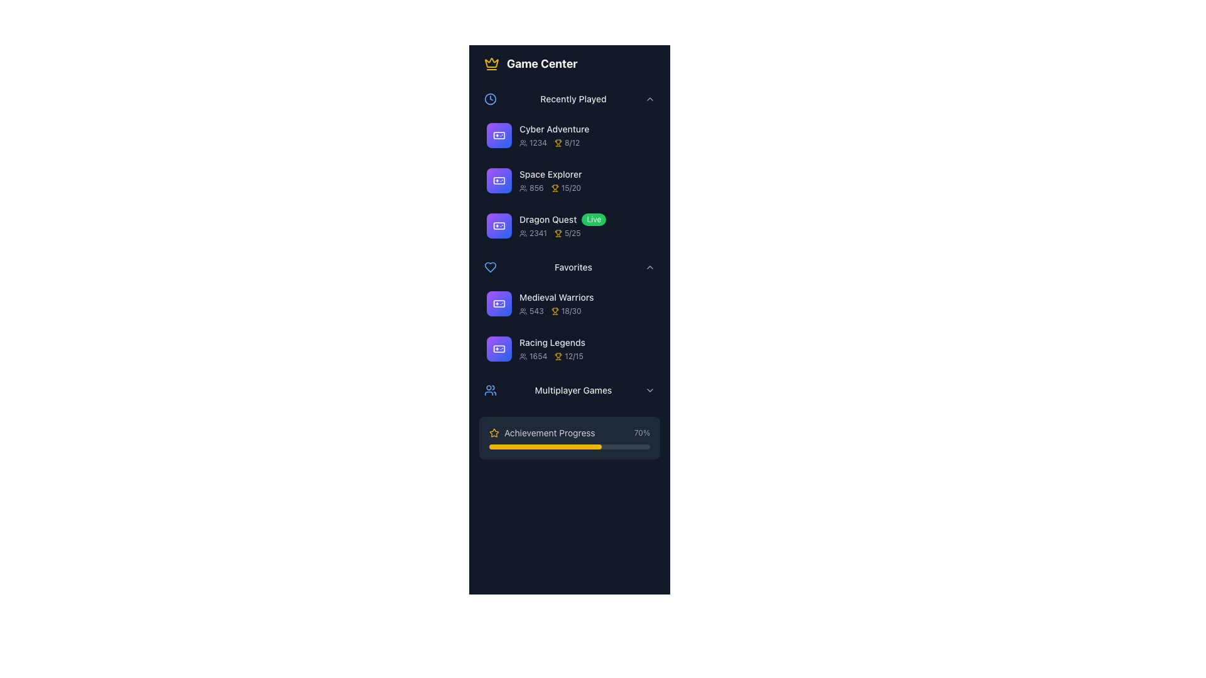  I want to click on the list item labeled 'Medieval Warriors', so click(585, 303).